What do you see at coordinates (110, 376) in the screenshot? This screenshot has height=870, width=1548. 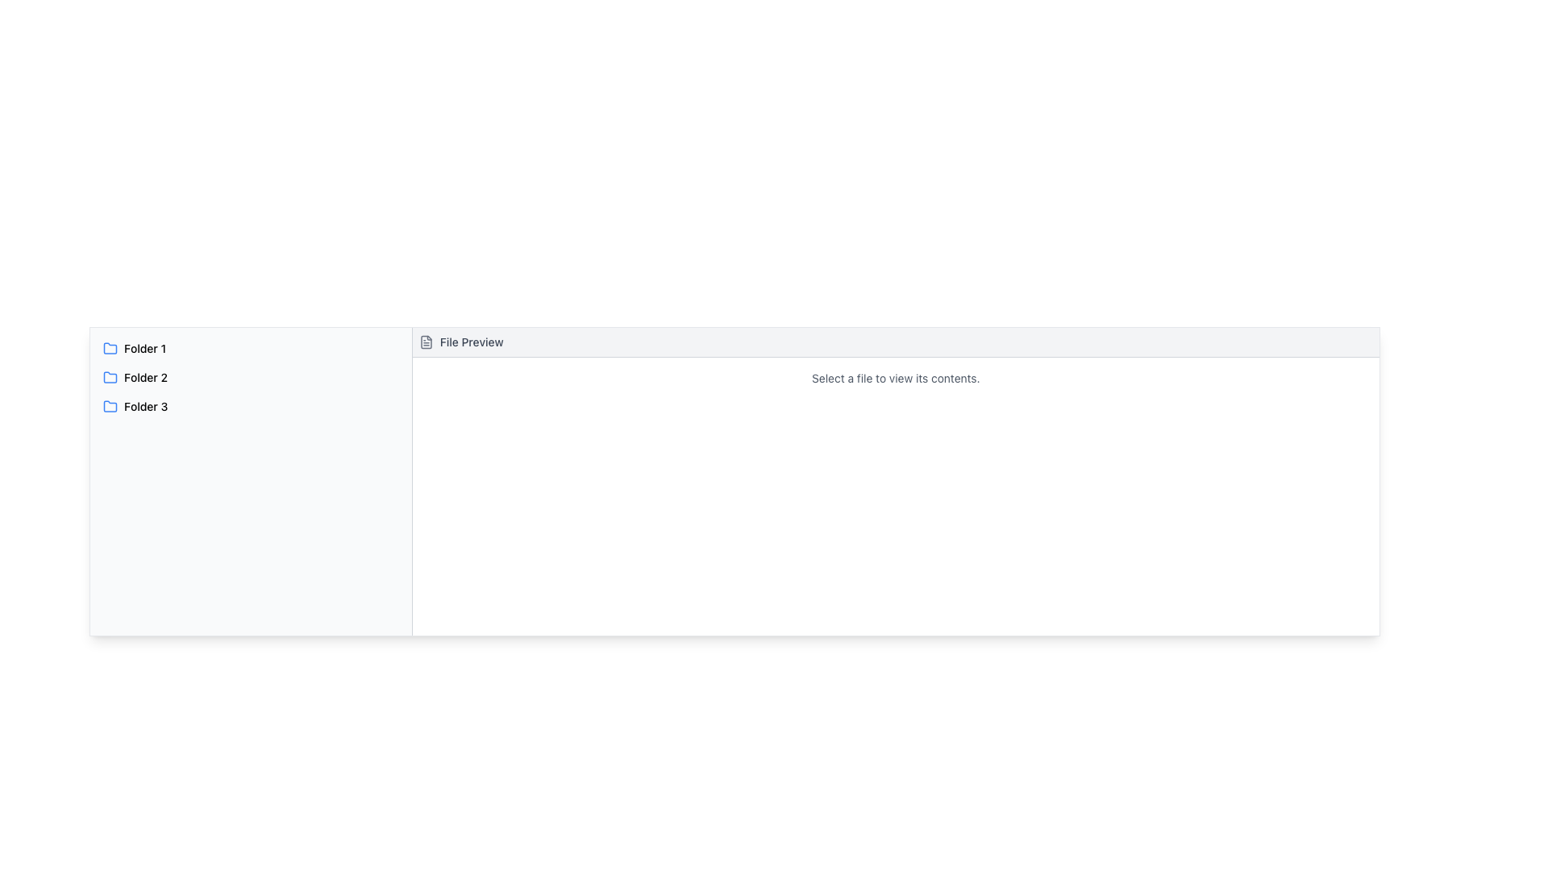 I see `to select or open the folder represented by the blue outlined SVG icon labeled 'Folder 2' in the vertical list of folder icons` at bounding box center [110, 376].